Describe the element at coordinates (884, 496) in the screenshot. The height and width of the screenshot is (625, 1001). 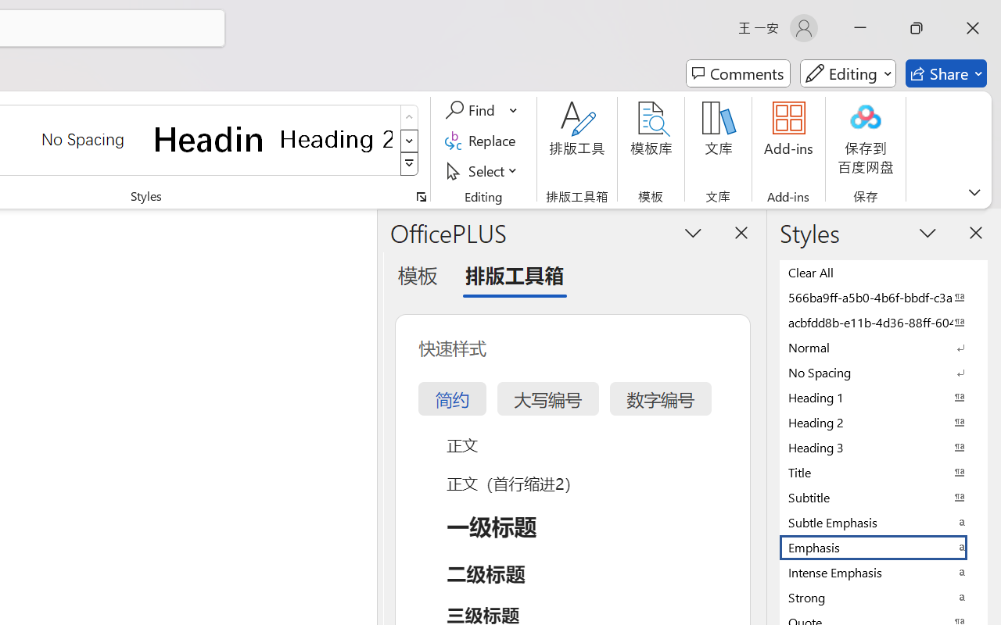
I see `'Subtitle'` at that location.